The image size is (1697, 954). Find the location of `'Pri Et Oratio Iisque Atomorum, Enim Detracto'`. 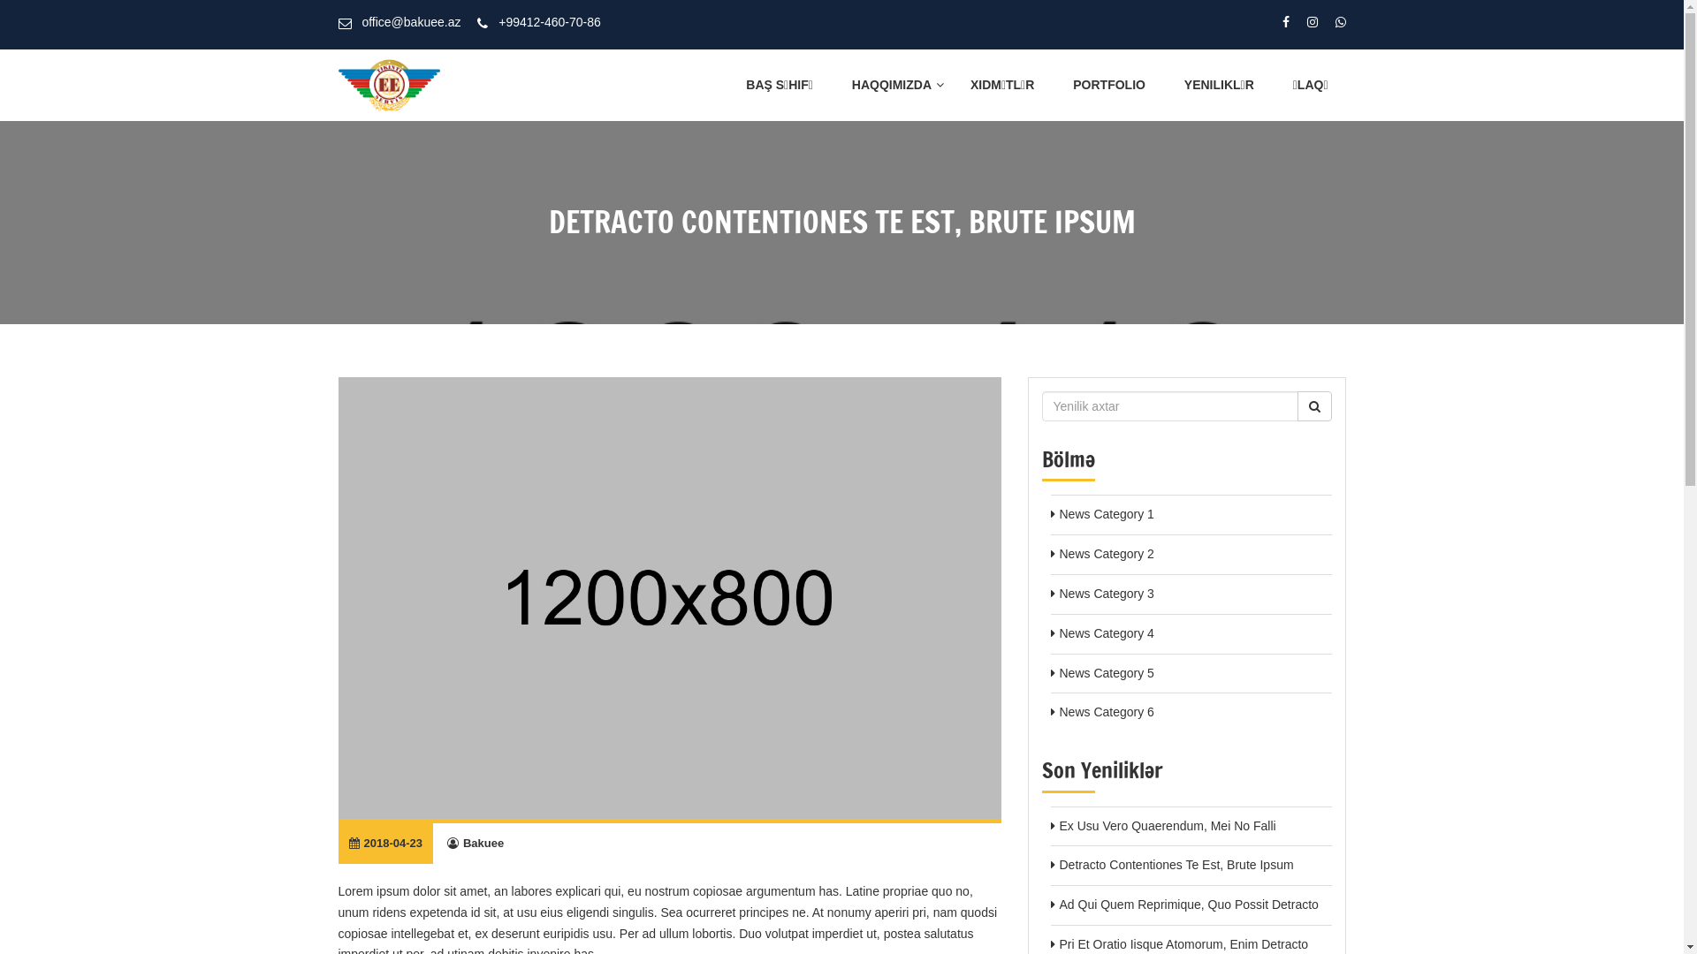

'Pri Et Oratio Iisque Atomorum, Enim Detracto' is located at coordinates (1183, 943).